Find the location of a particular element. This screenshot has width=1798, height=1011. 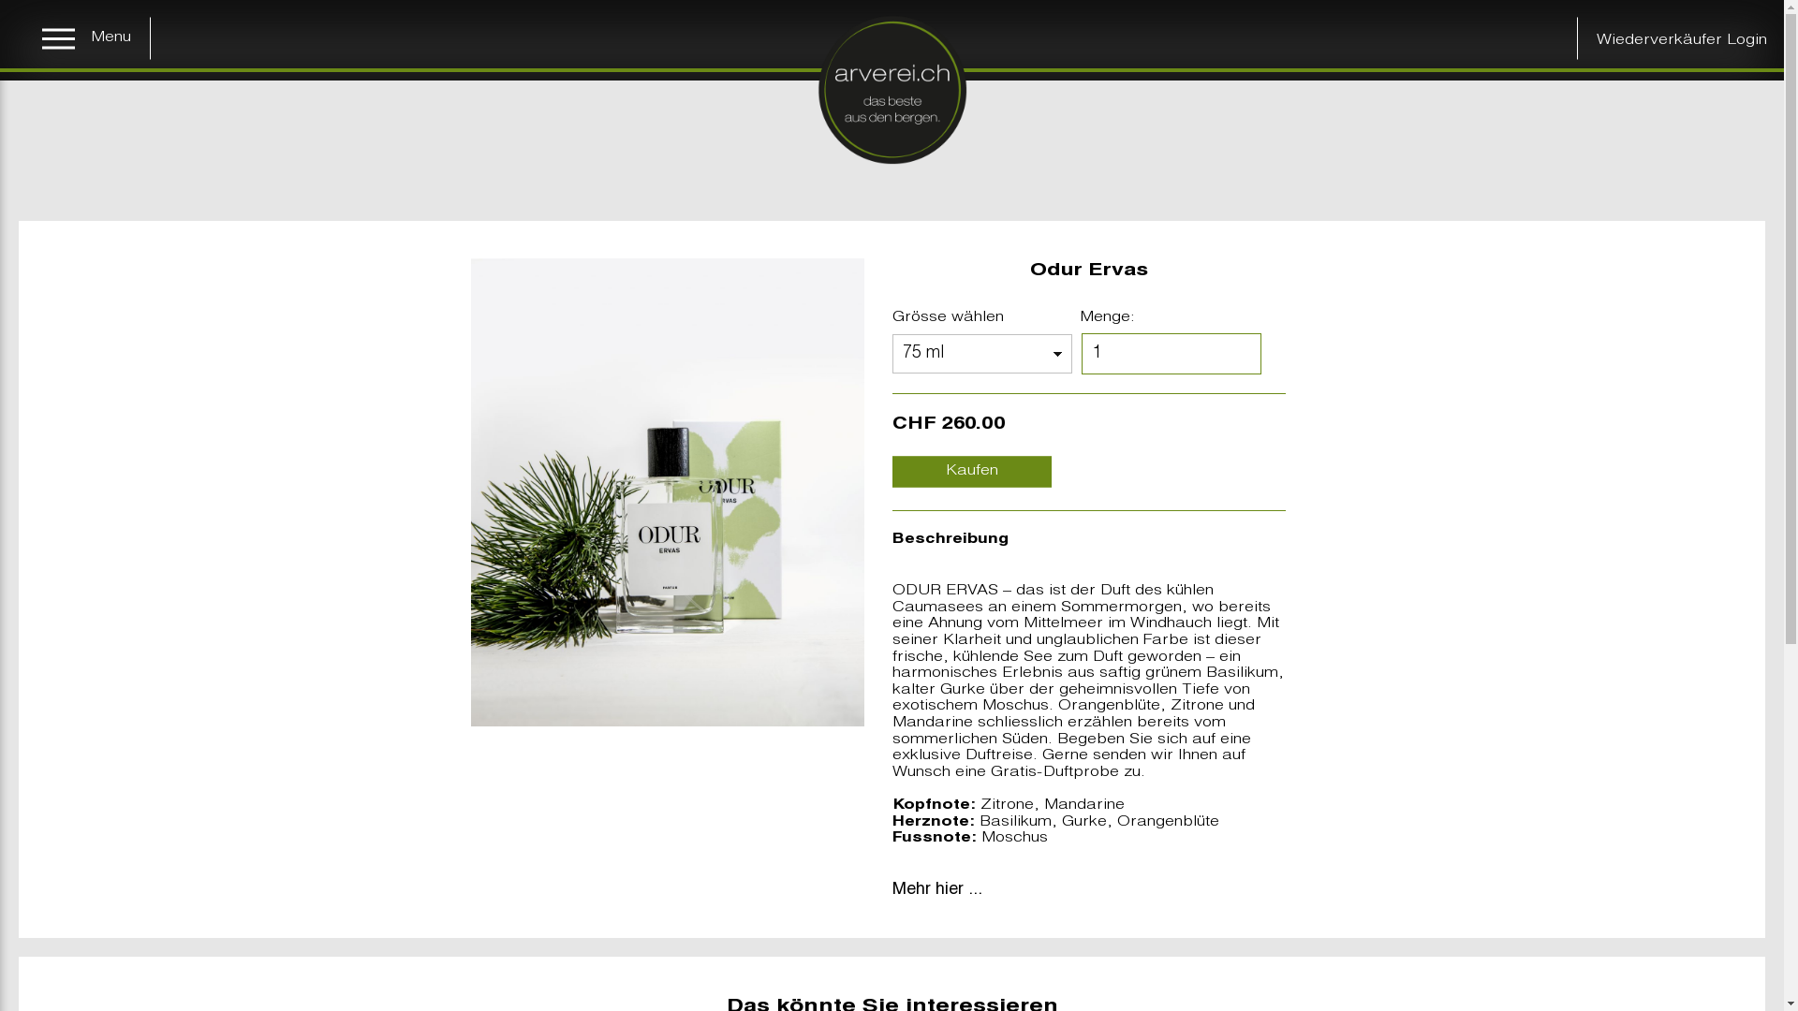

'Mehr hier ...' is located at coordinates (936, 889).